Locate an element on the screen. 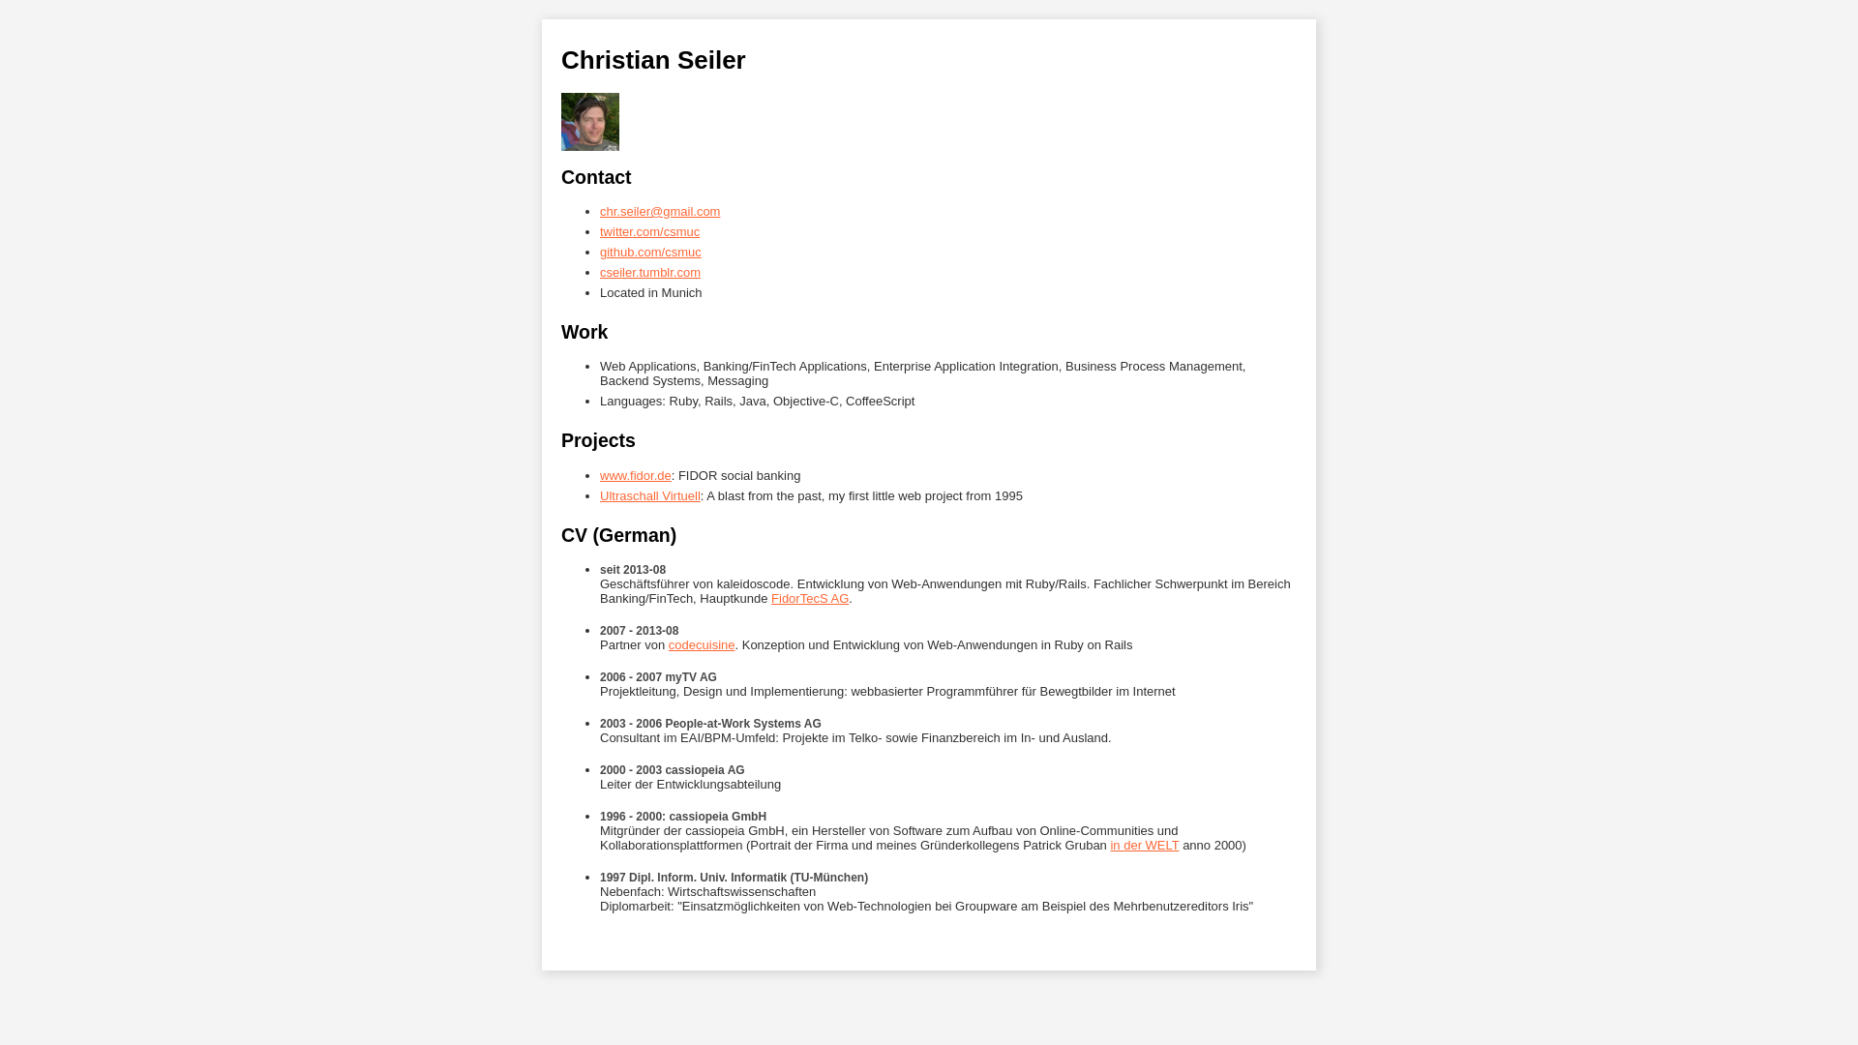 The image size is (1858, 1045). 'codecuisine' is located at coordinates (701, 644).